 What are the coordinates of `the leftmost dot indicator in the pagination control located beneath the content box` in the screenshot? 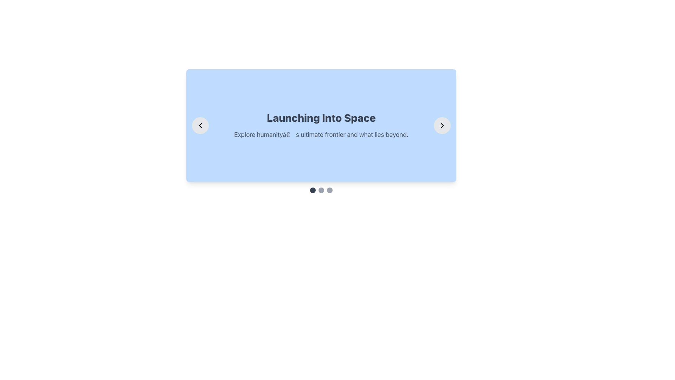 It's located at (312, 190).